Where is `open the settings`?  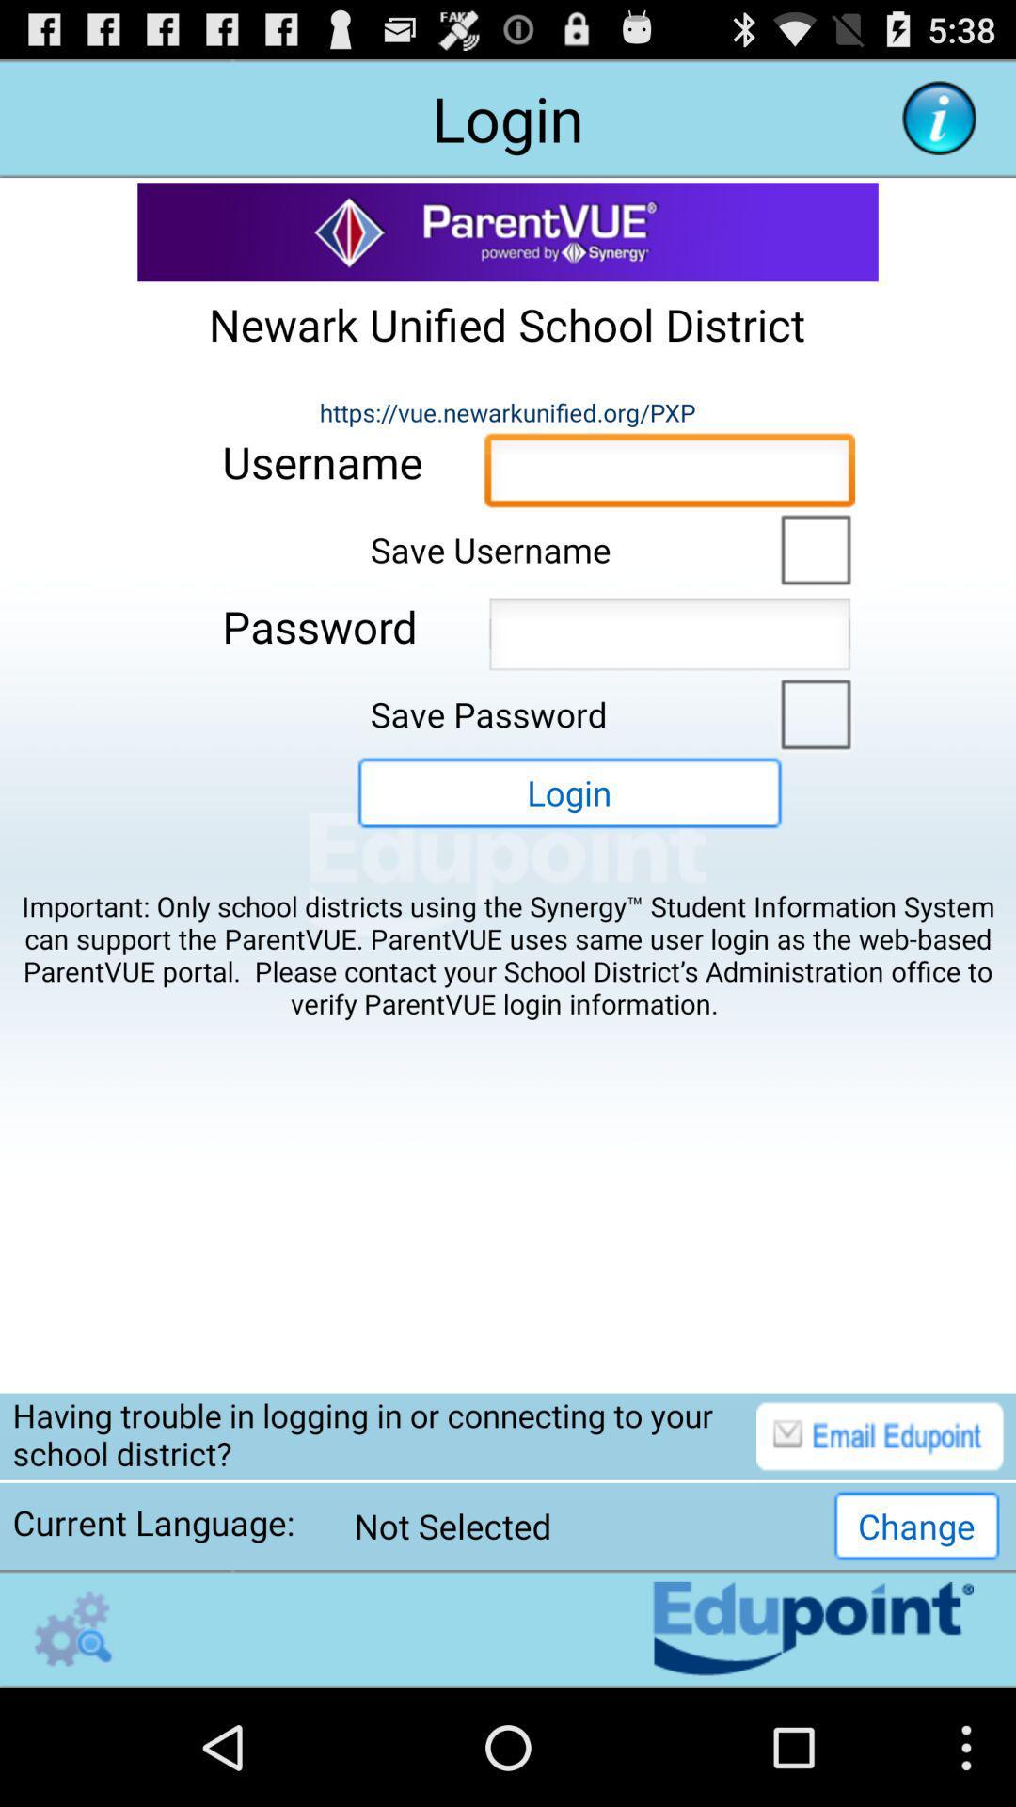 open the settings is located at coordinates (72, 1628).